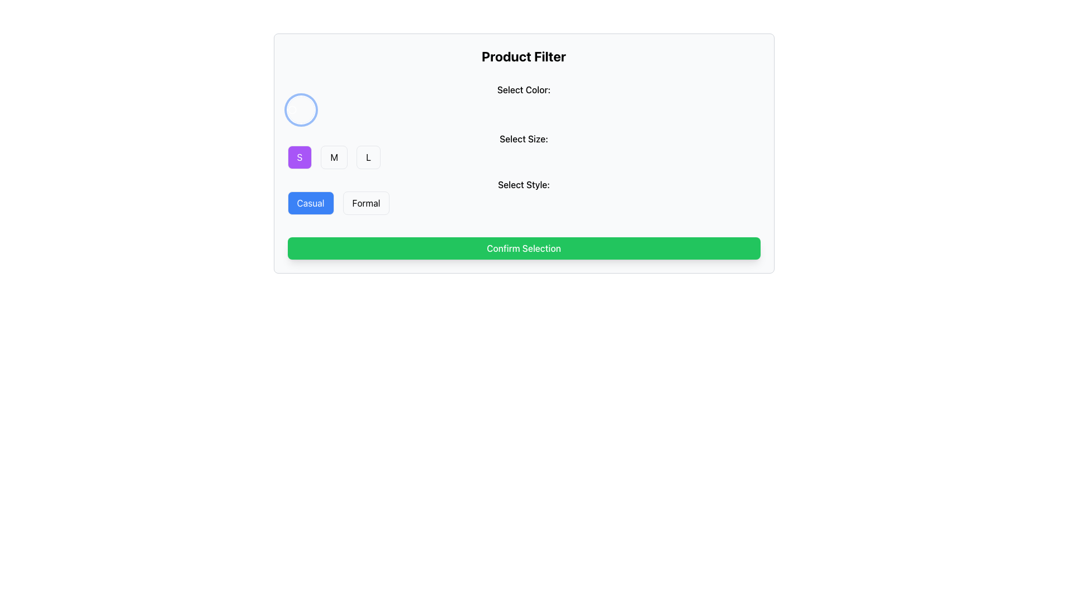  Describe the element at coordinates (336, 109) in the screenshot. I see `the middle circular button in the color selection row` at that location.